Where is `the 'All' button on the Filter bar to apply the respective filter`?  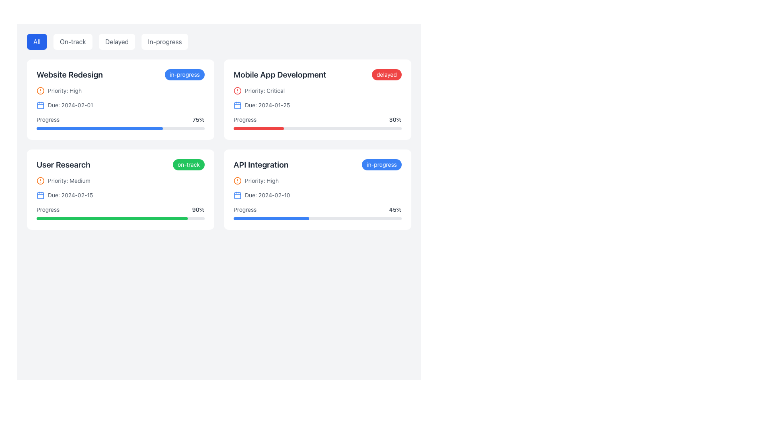 the 'All' button on the Filter bar to apply the respective filter is located at coordinates (219, 42).